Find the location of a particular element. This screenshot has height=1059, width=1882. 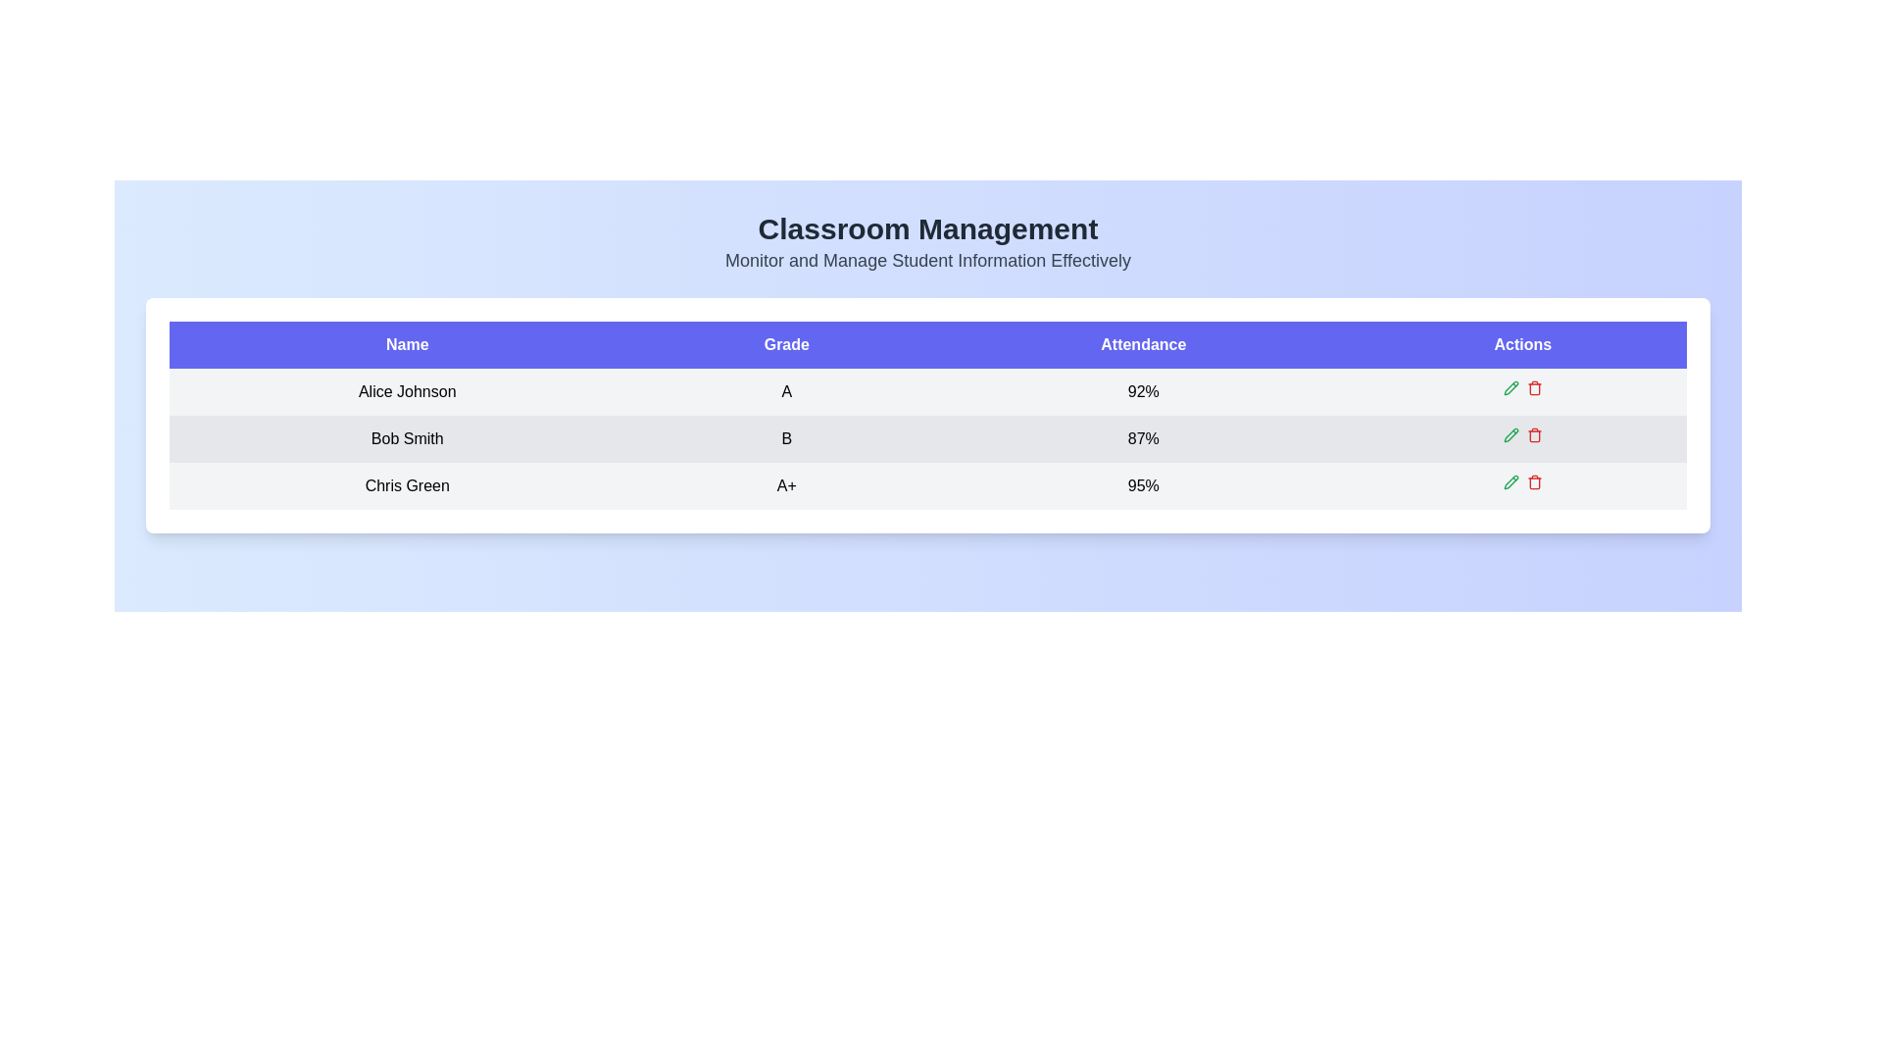

the Delete icon, which is a rounded trash can icon located in the last cell of the second row within the 'Actions' column of the table is located at coordinates (1533, 435).